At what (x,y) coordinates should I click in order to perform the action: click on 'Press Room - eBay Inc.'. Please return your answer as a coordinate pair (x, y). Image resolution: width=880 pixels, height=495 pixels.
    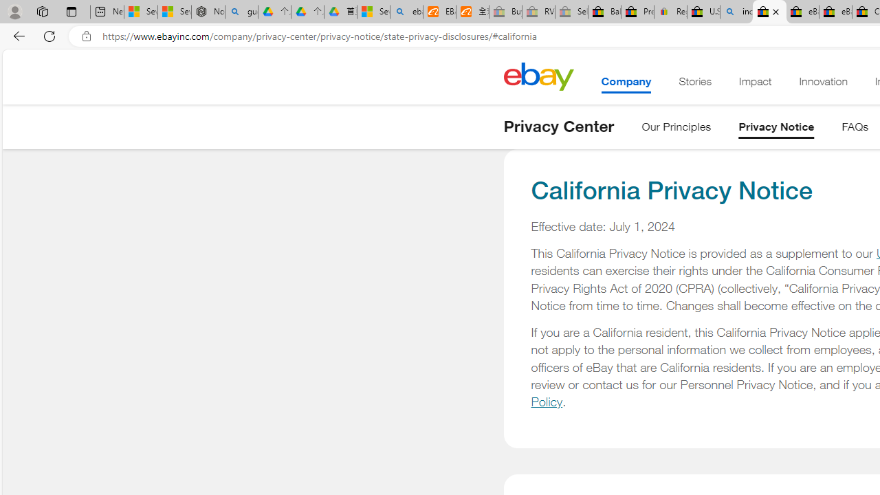
    Looking at the image, I should click on (637, 12).